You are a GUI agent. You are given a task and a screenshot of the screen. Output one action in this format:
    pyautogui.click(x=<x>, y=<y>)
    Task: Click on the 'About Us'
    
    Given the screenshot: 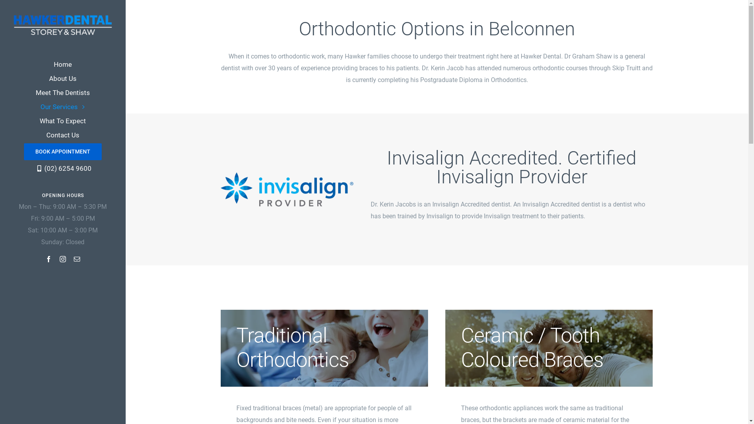 What is the action you would take?
    pyautogui.click(x=62, y=79)
    